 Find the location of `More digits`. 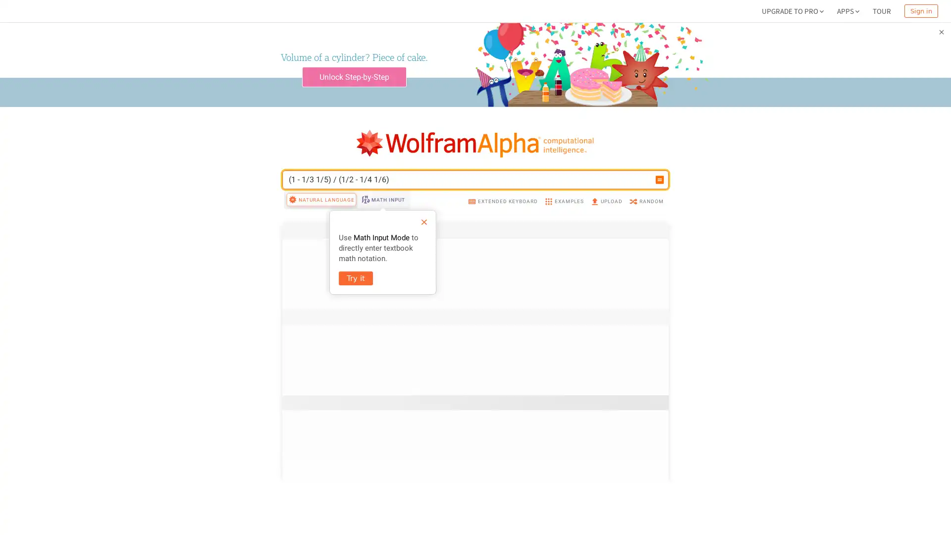

More digits is located at coordinates (638, 323).